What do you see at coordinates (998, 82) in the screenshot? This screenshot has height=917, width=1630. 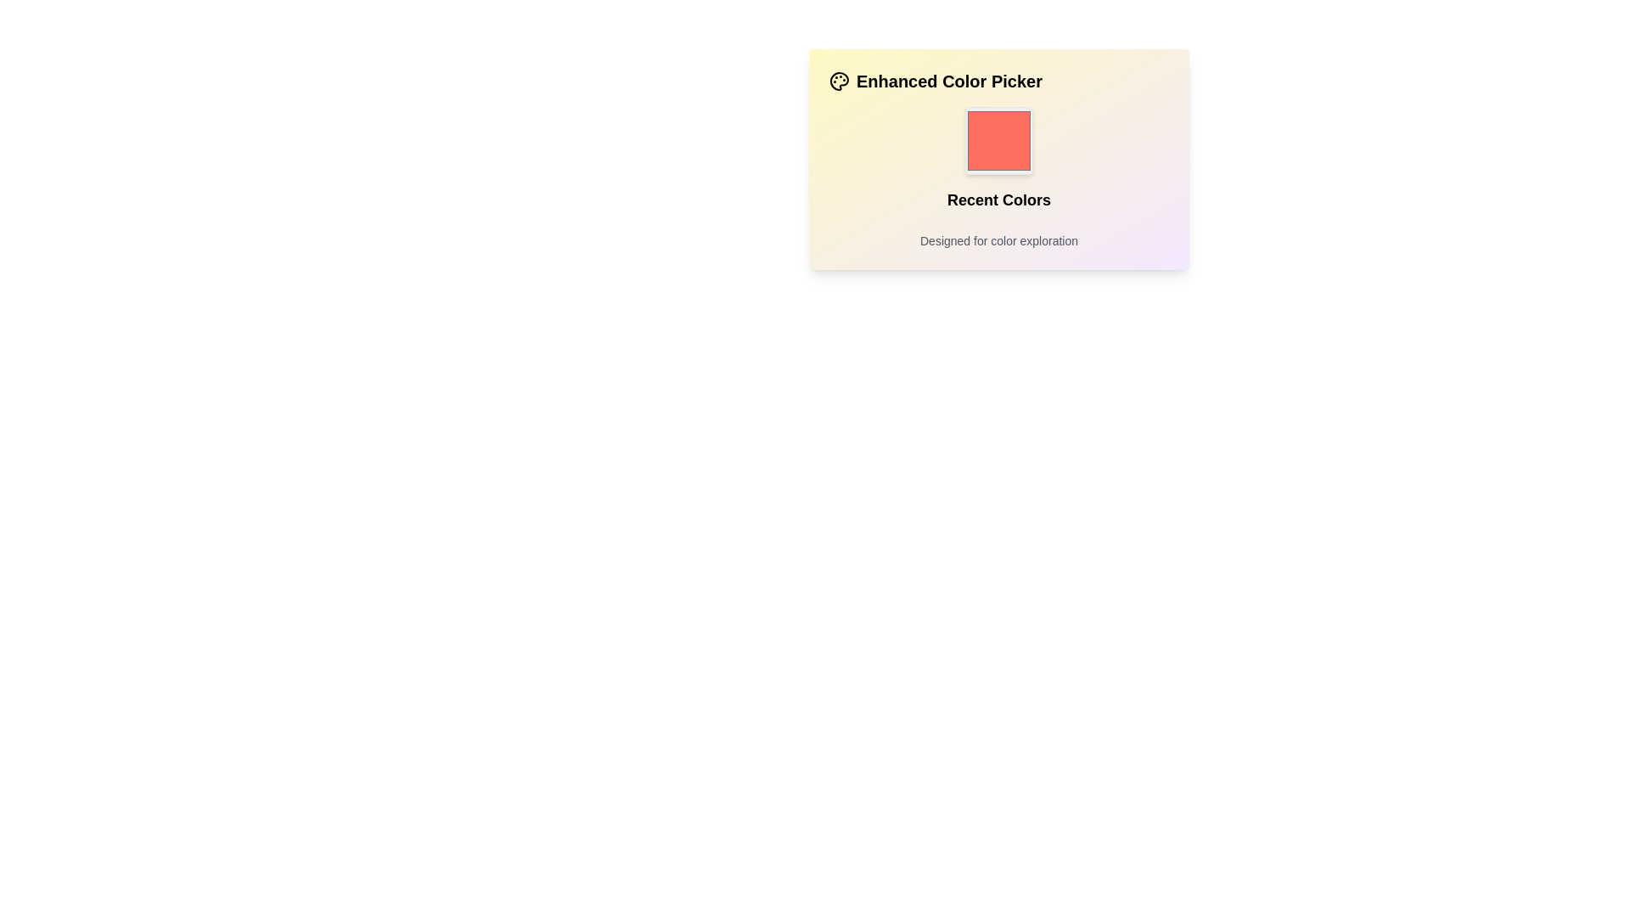 I see `the 'Enhanced Color Picker' header for accessibility by clicking on it` at bounding box center [998, 82].